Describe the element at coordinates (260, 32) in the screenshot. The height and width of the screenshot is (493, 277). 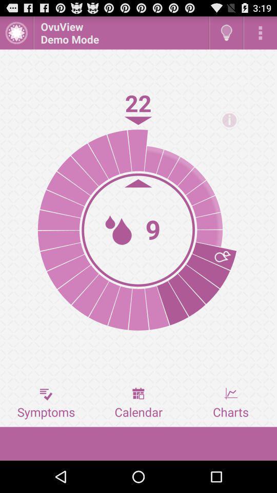
I see `ovuviue demo mode` at that location.